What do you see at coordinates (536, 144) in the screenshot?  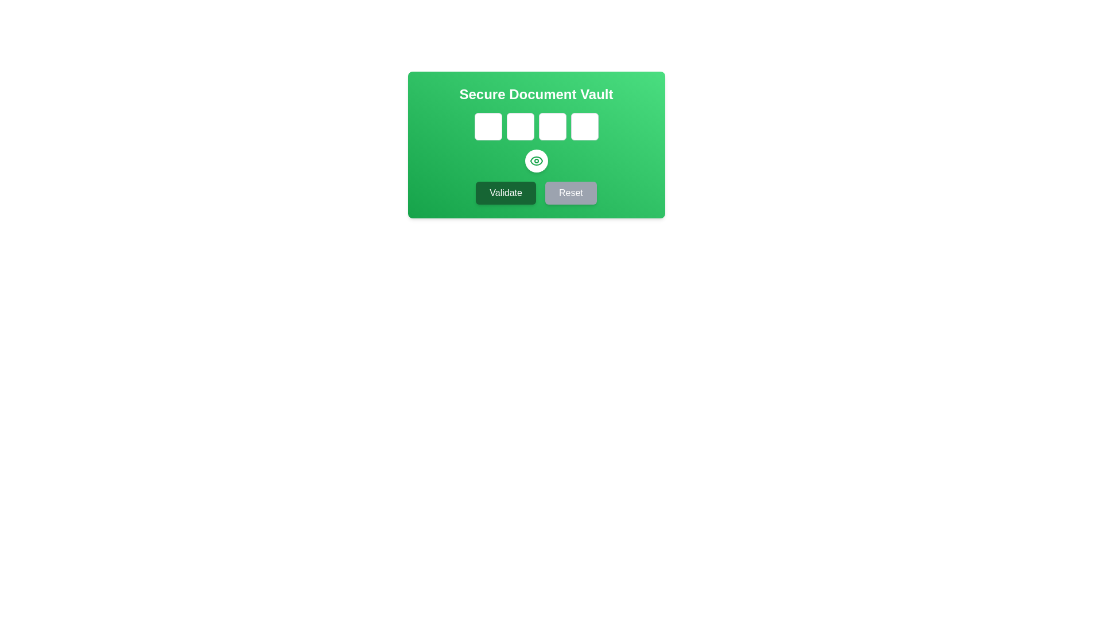 I see `the circular button with a white background and a green border containing an eye icon` at bounding box center [536, 144].